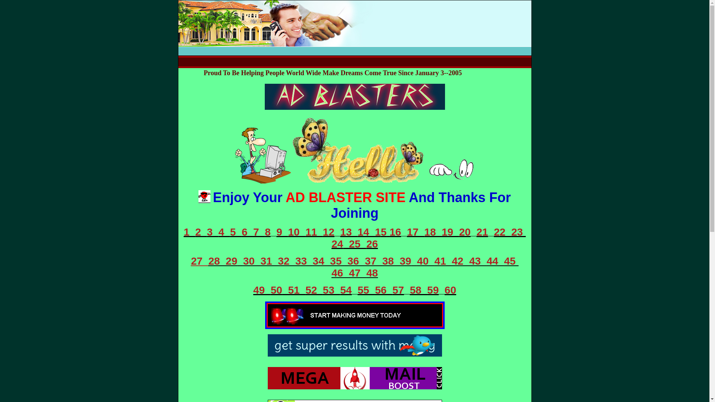 The image size is (715, 402). Describe the element at coordinates (231, 261) in the screenshot. I see `'29'` at that location.